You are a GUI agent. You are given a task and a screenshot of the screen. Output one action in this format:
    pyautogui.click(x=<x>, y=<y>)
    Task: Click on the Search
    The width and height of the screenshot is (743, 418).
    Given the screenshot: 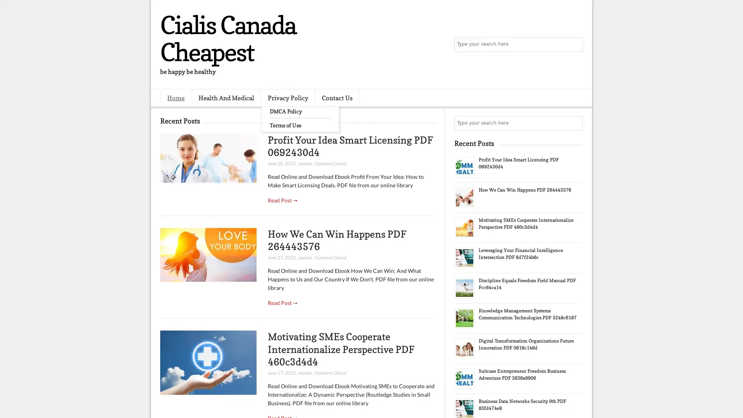 What is the action you would take?
    pyautogui.click(x=575, y=123)
    